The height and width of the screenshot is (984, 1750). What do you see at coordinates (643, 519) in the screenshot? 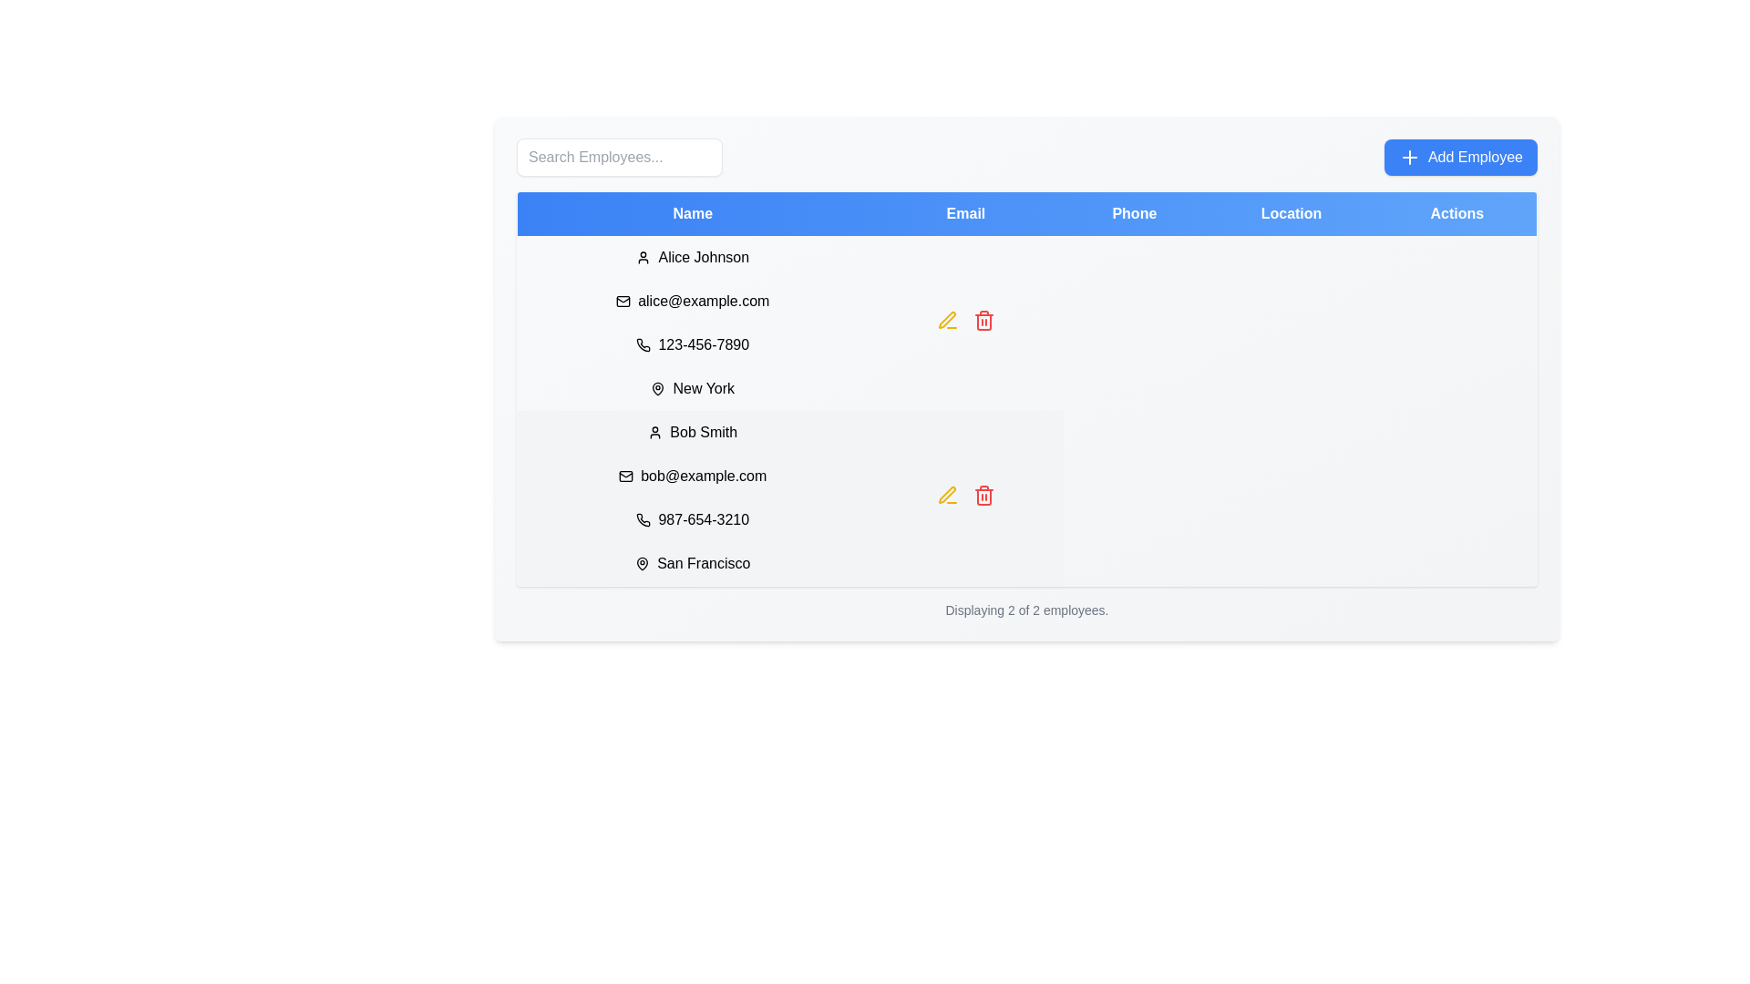
I see `the phone icon representing Bob Smith in the employee list, located in the second row of the 'Phone' column` at bounding box center [643, 519].